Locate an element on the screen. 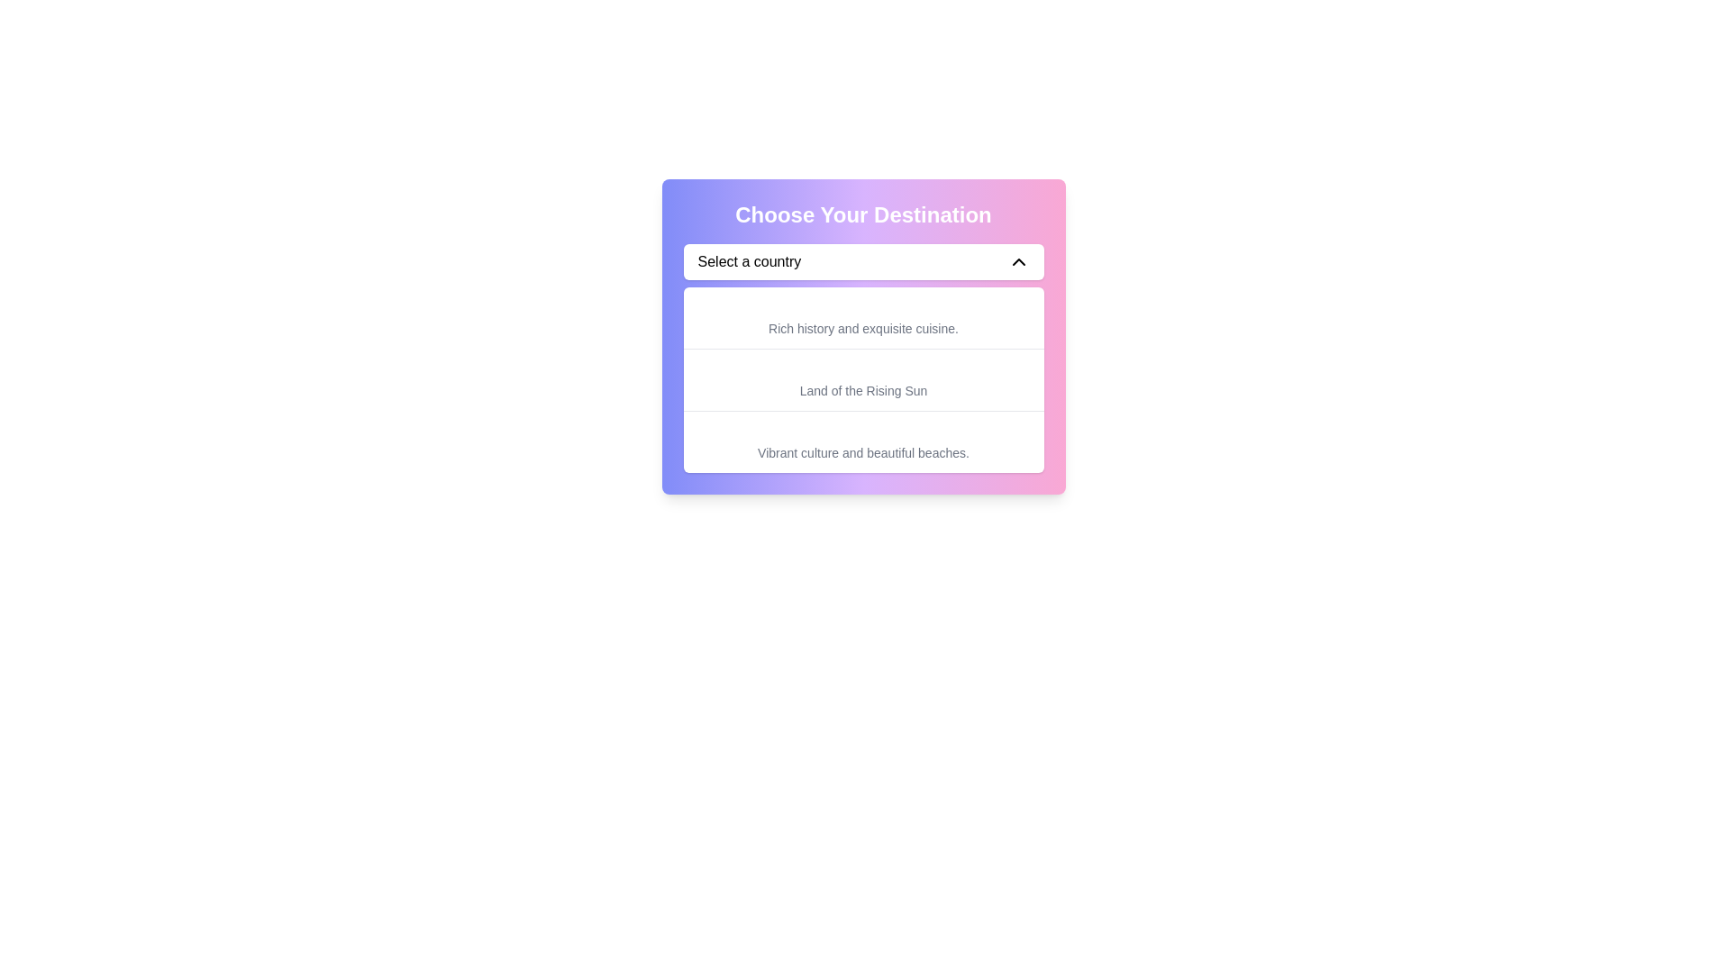  the text label that provides additional information related to the title 'France', located in the second row of a vertical list of options is located at coordinates (862, 317).